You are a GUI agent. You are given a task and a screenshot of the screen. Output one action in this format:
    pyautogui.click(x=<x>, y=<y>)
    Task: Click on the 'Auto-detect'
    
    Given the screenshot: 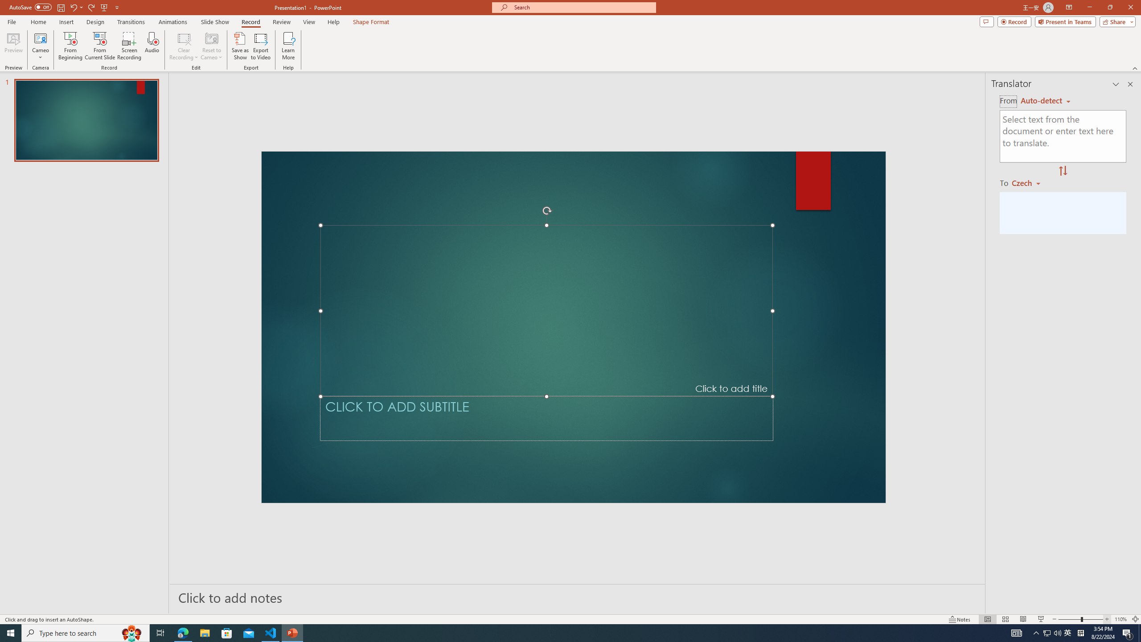 What is the action you would take?
    pyautogui.click(x=1045, y=100)
    